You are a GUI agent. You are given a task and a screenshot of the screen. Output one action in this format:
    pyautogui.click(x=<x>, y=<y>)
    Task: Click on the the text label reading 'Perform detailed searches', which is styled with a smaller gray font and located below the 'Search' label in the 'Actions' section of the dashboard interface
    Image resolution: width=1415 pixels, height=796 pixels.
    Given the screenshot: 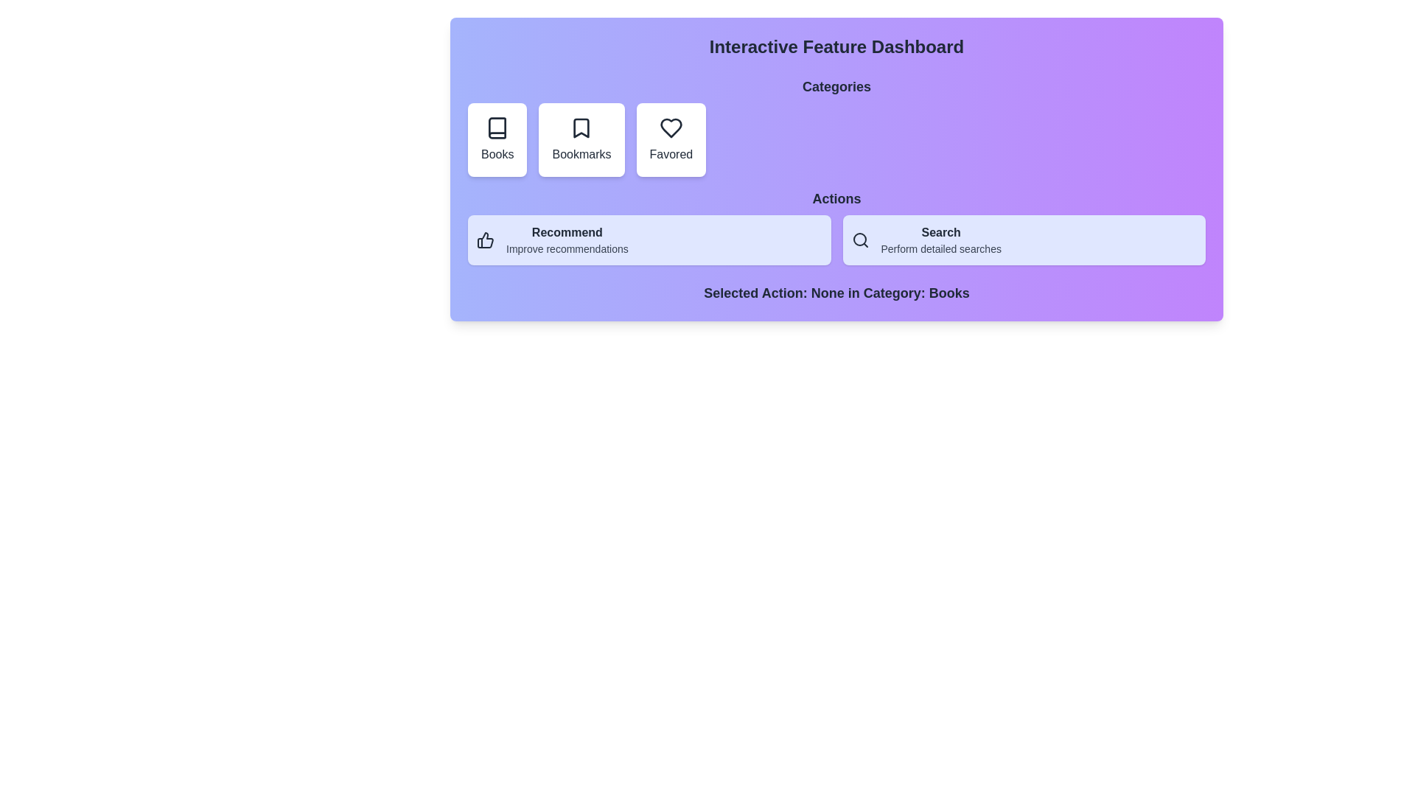 What is the action you would take?
    pyautogui.click(x=940, y=248)
    